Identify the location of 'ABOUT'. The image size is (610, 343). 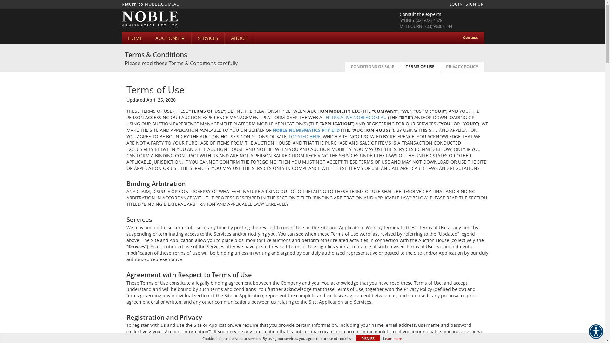
(238, 38).